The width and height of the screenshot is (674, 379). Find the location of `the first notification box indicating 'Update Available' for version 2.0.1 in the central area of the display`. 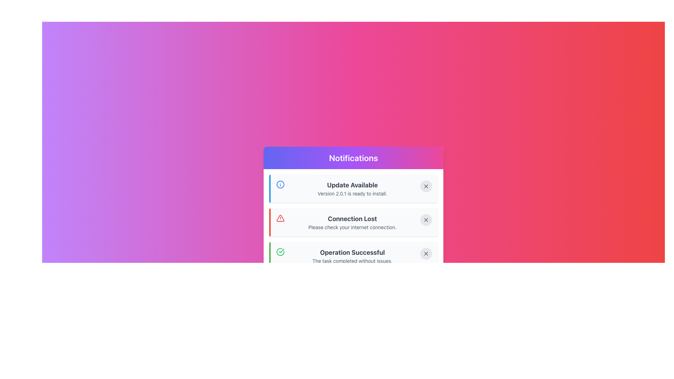

the first notification box indicating 'Update Available' for version 2.0.1 in the central area of the display is located at coordinates (353, 188).